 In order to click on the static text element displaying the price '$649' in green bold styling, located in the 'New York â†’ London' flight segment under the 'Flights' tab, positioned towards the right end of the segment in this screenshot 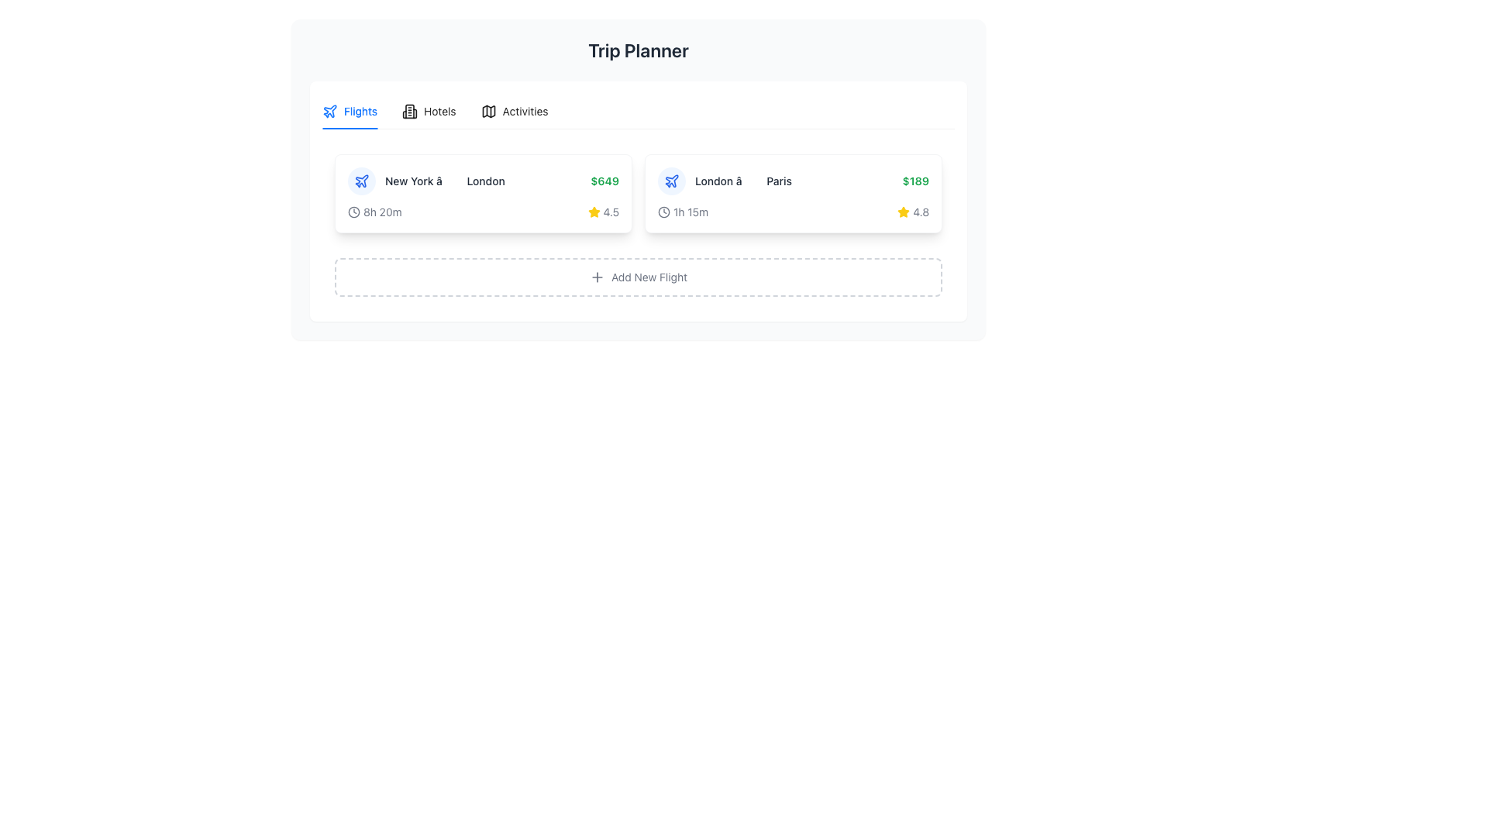, I will do `click(604, 181)`.